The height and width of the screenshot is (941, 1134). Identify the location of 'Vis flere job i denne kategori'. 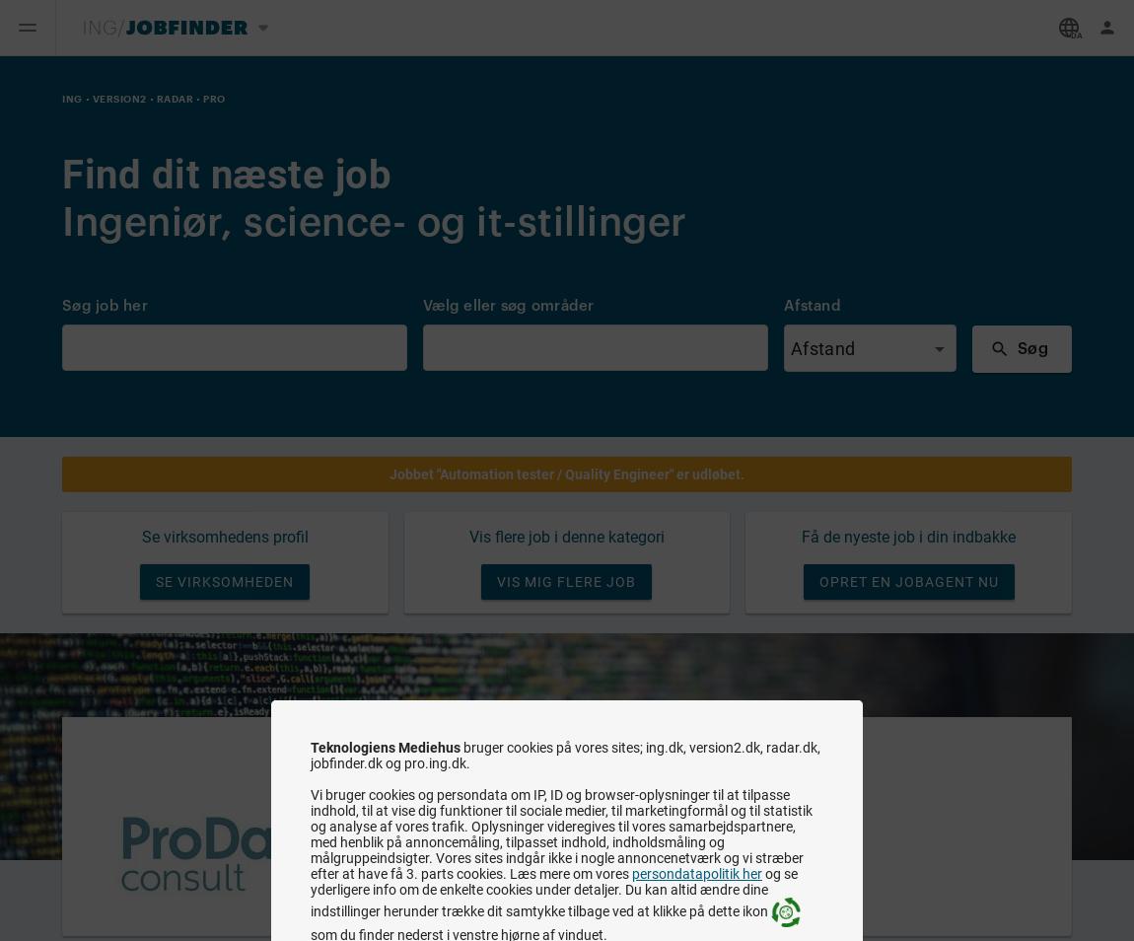
(565, 535).